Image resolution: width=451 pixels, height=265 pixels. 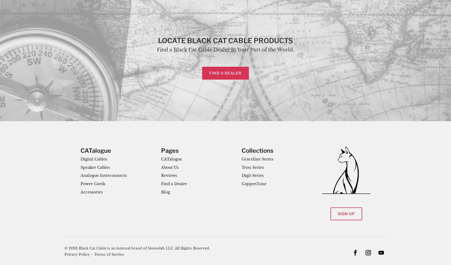 What do you see at coordinates (225, 40) in the screenshot?
I see `'Locate Black Cat Cable Products'` at bounding box center [225, 40].